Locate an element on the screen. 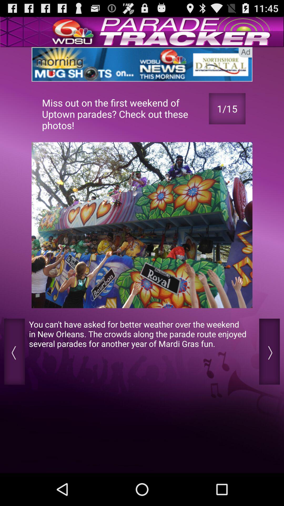 The image size is (284, 506). go back is located at coordinates (269, 352).